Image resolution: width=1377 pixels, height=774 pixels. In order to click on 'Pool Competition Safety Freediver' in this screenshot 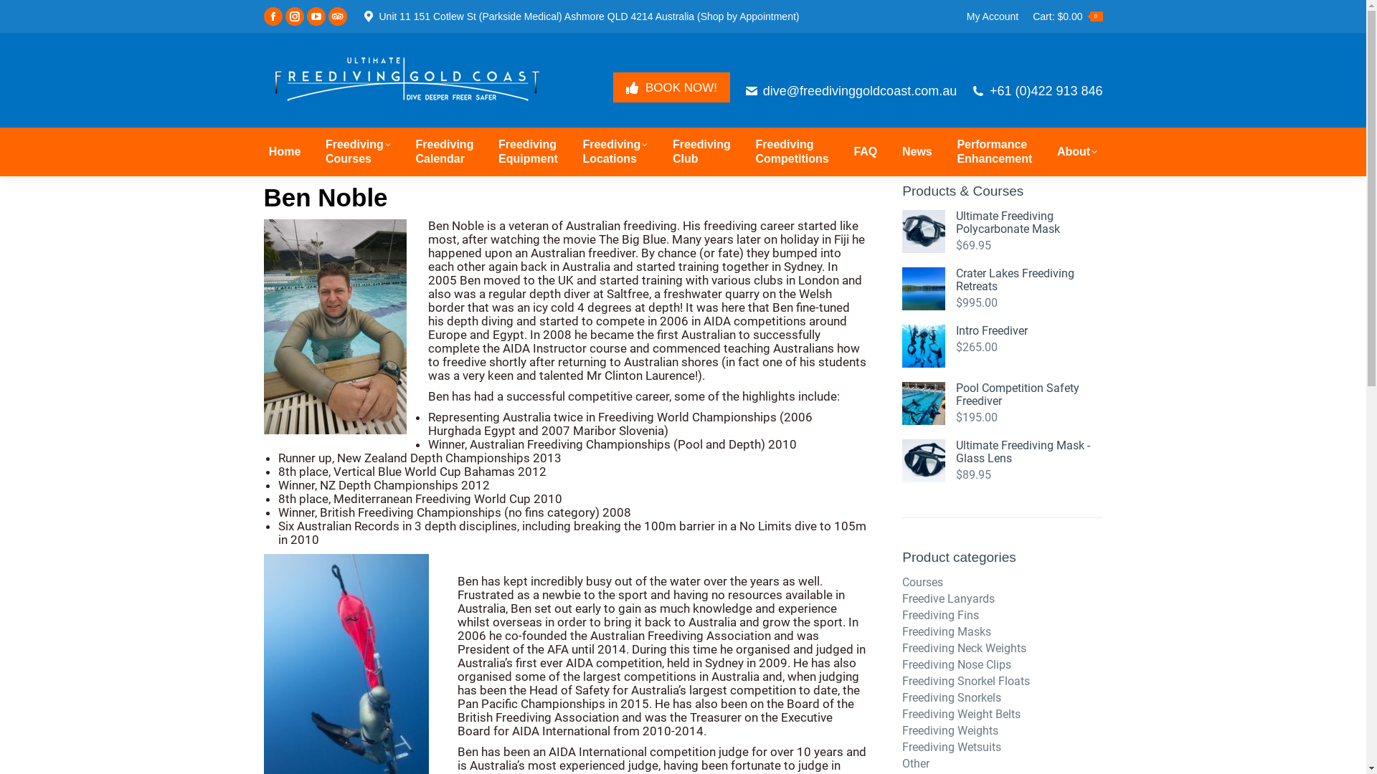, I will do `click(1028, 395)`.